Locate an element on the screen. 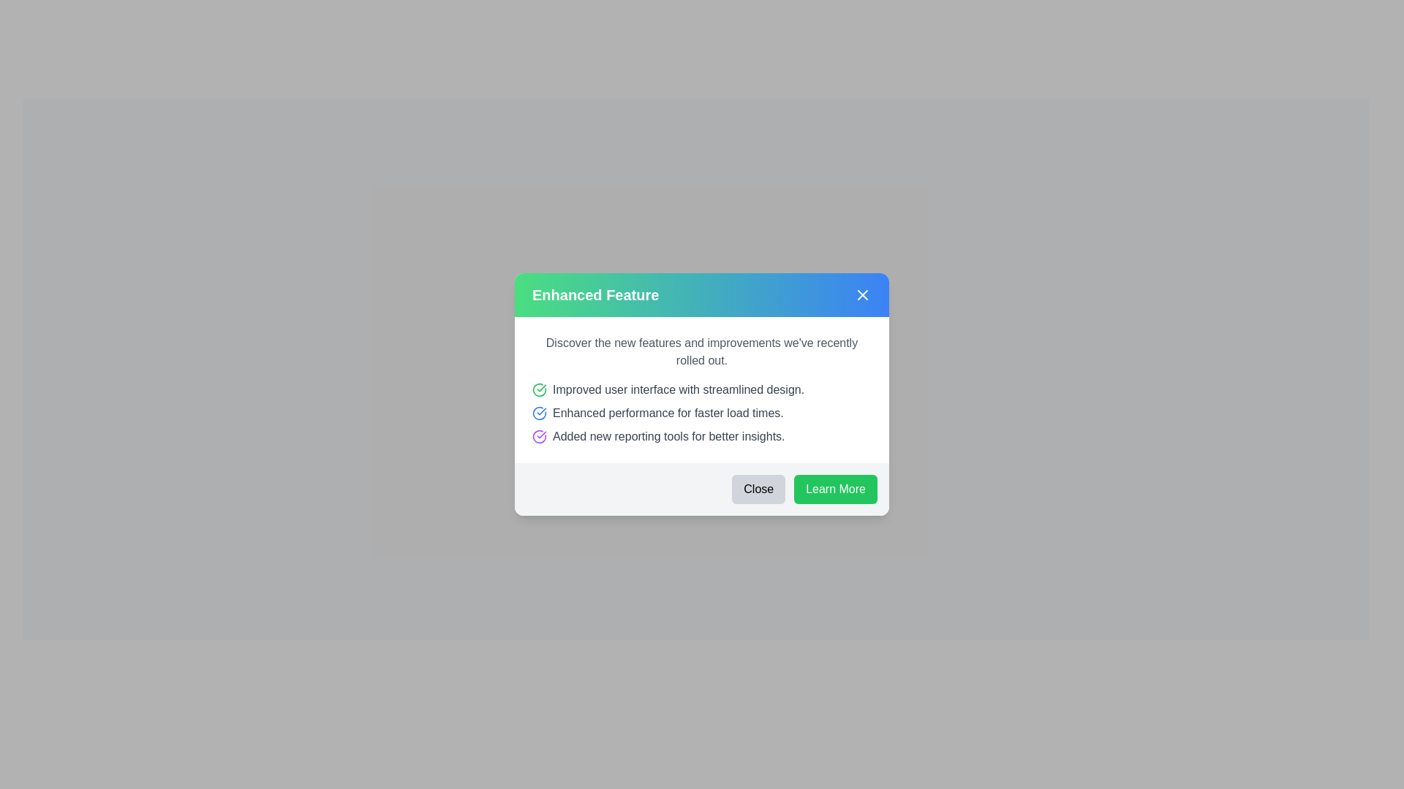  the confirmation icon located to the left of the text 'Enhanced performance for faster load times.' is located at coordinates (539, 413).